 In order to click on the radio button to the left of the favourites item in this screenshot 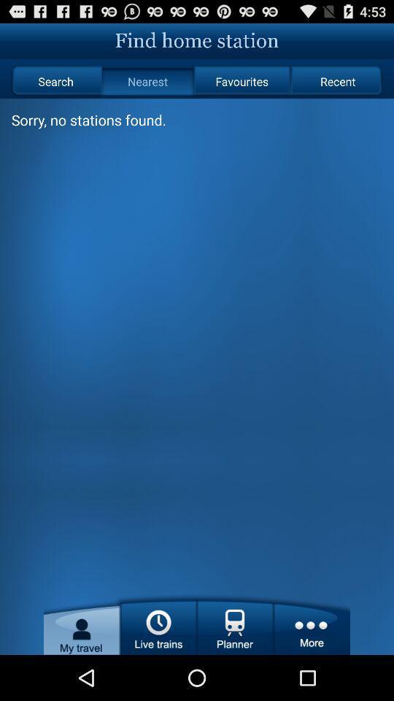, I will do `click(147, 81)`.